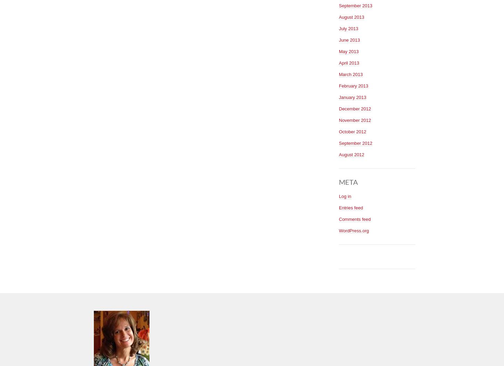 This screenshot has width=504, height=366. Describe the element at coordinates (348, 28) in the screenshot. I see `'July 2013'` at that location.